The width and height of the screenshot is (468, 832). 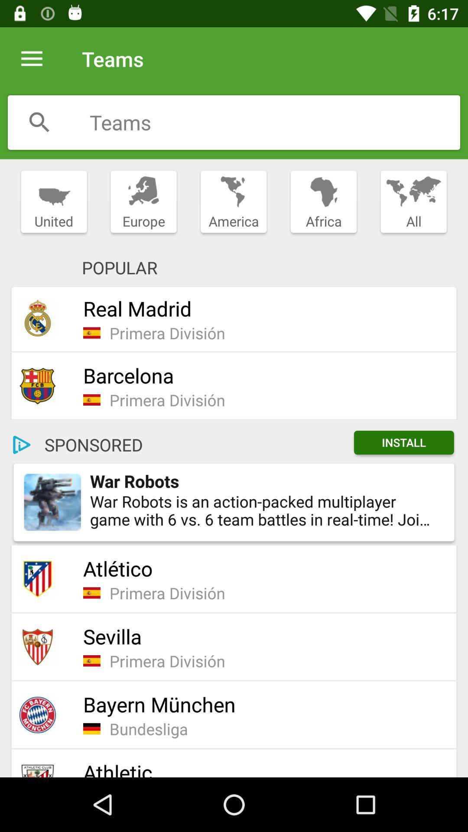 I want to click on item next to america item, so click(x=324, y=202).